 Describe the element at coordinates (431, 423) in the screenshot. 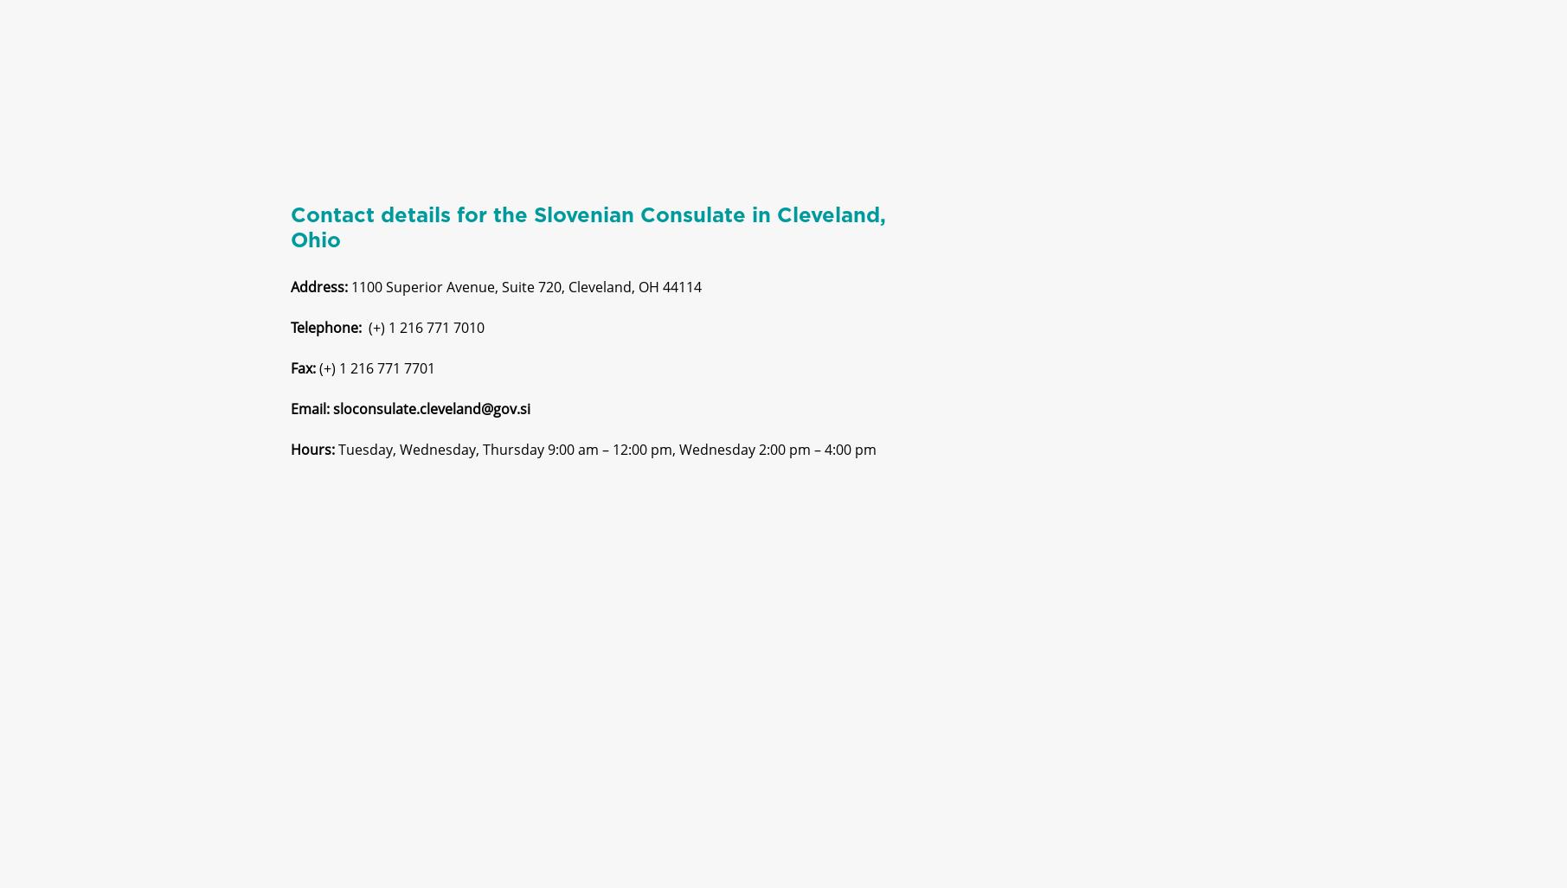

I see `'sloconsulate.cleveland@gov.si'` at that location.